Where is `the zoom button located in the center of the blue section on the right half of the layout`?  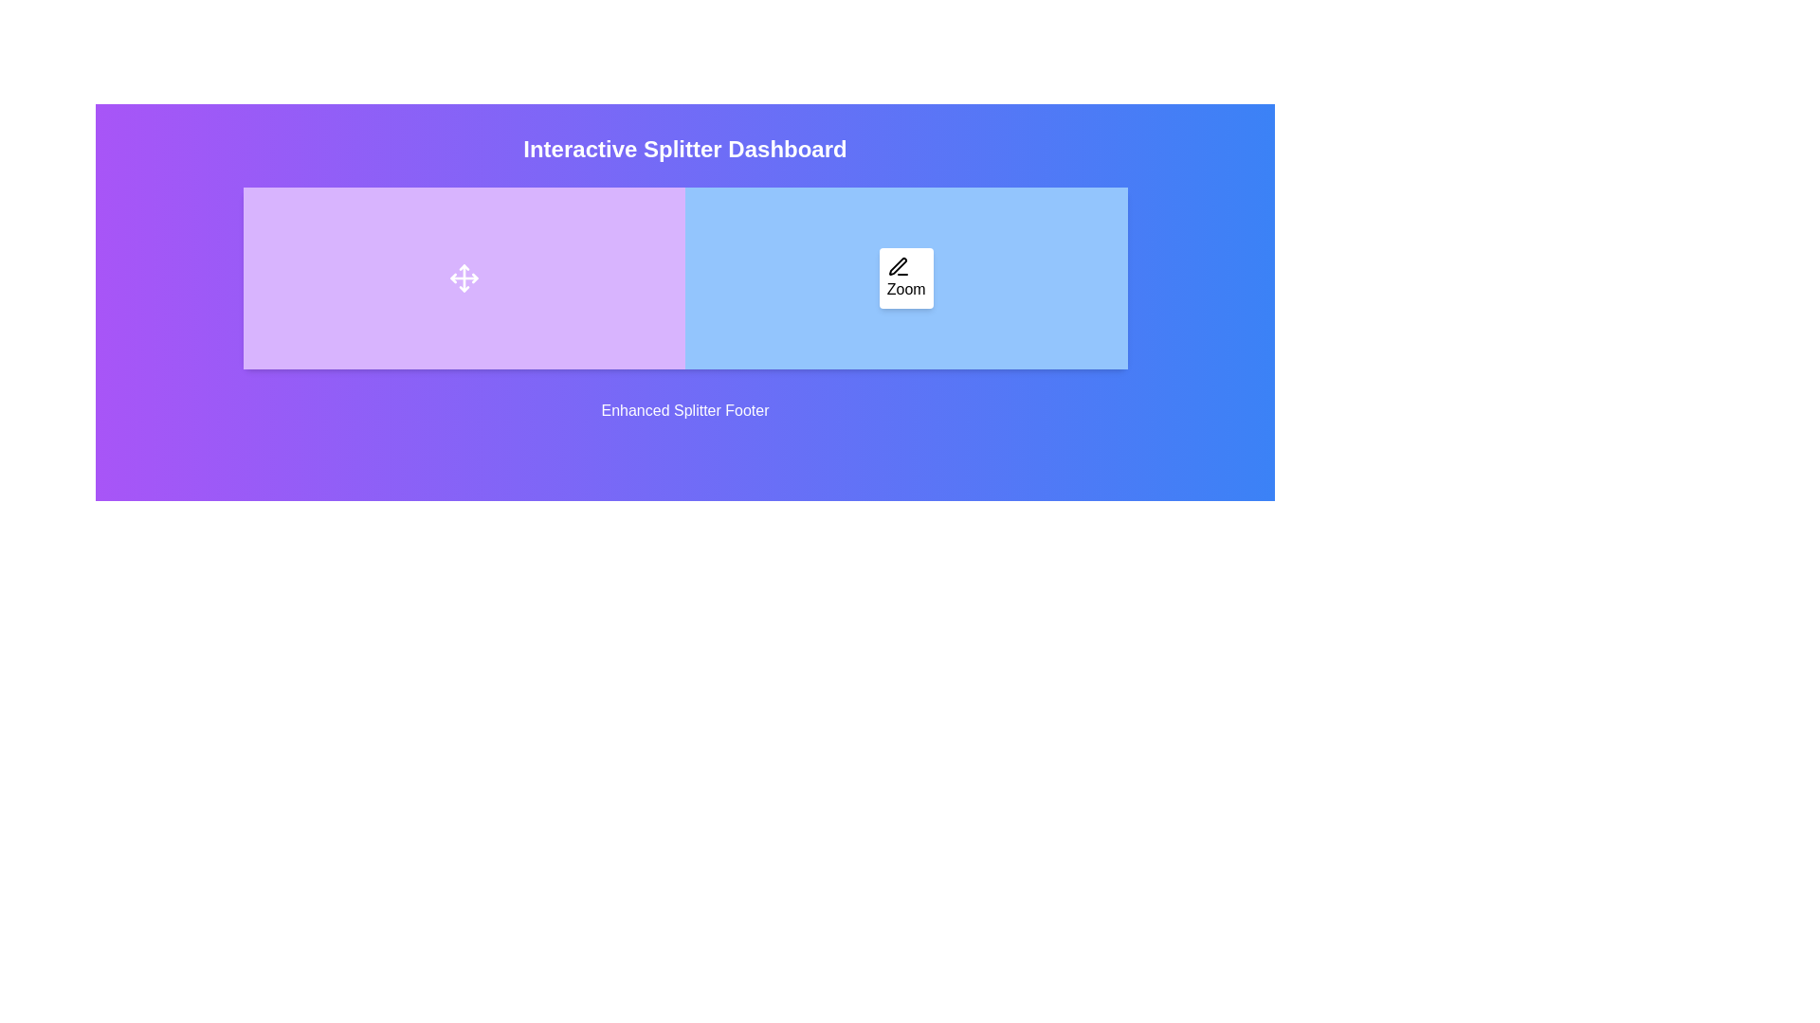
the zoom button located in the center of the blue section on the right half of the layout is located at coordinates (905, 278).